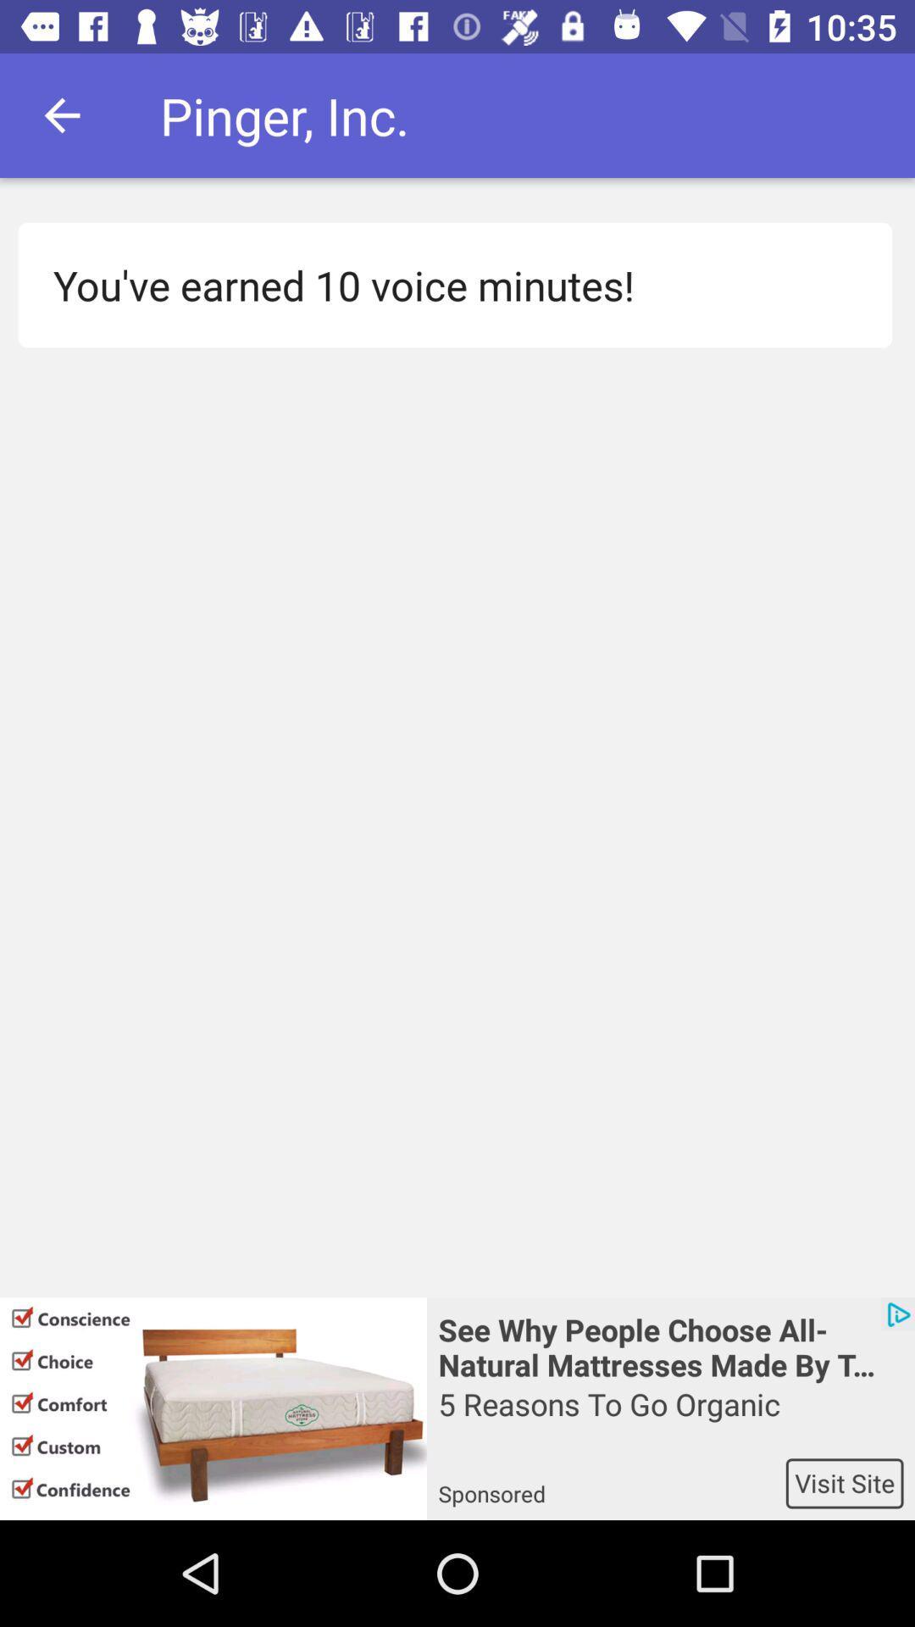 This screenshot has height=1627, width=915. Describe the element at coordinates (669, 1420) in the screenshot. I see `the item above the sponsored` at that location.